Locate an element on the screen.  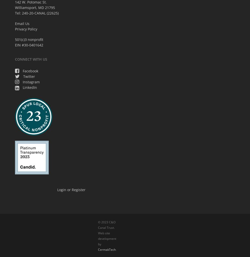
'Register' is located at coordinates (78, 189).